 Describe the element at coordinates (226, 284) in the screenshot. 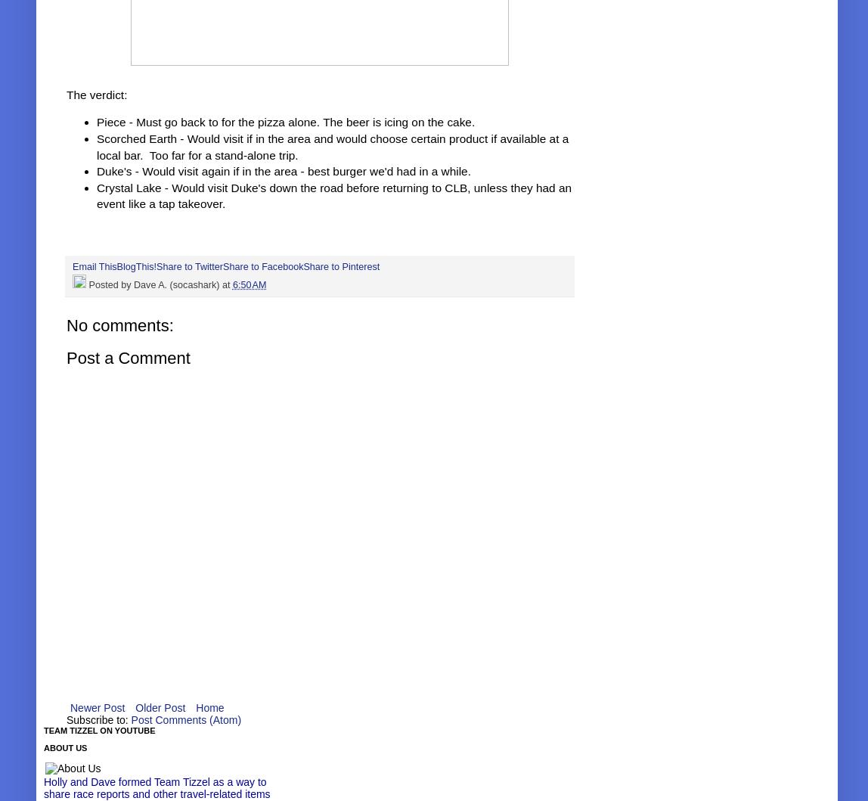

I see `'at'` at that location.